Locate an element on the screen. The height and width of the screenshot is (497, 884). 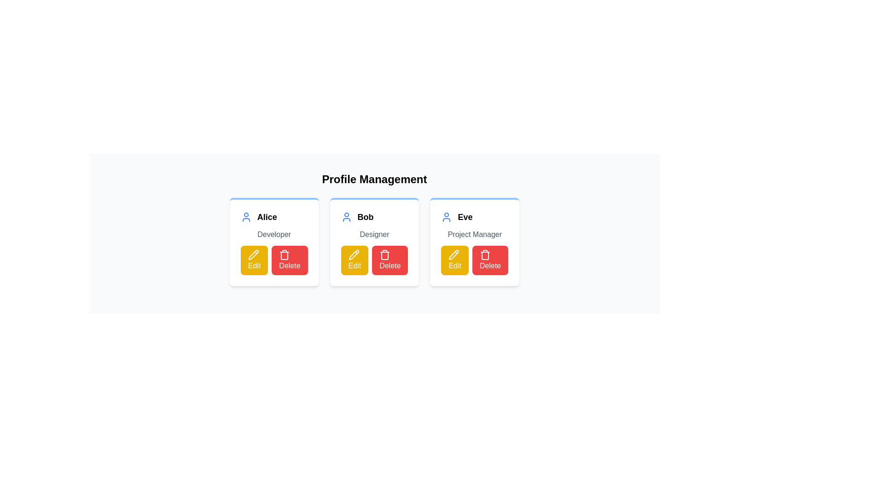
the text label identifying the profile owner 'Alice' is located at coordinates (273, 217).